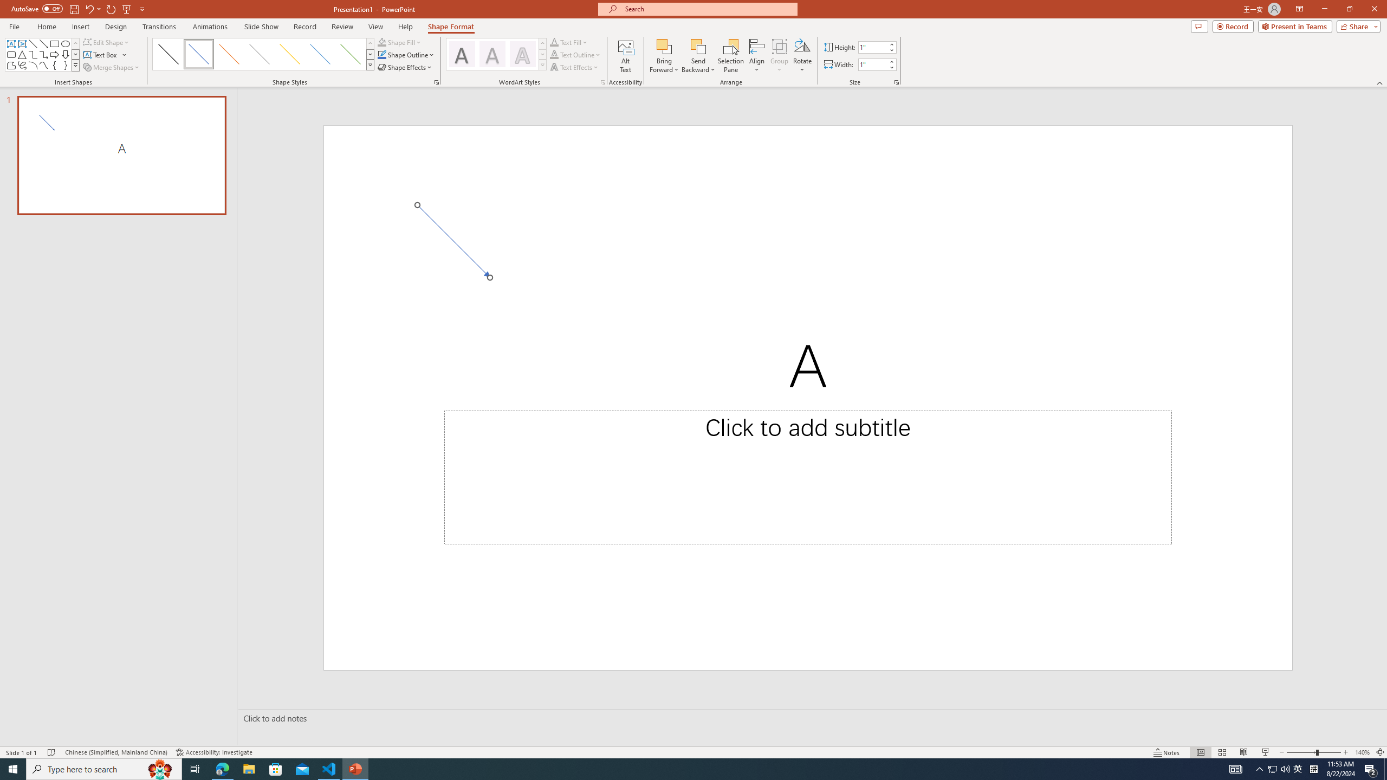 This screenshot has height=780, width=1387. I want to click on 'Send Backward', so click(698, 45).